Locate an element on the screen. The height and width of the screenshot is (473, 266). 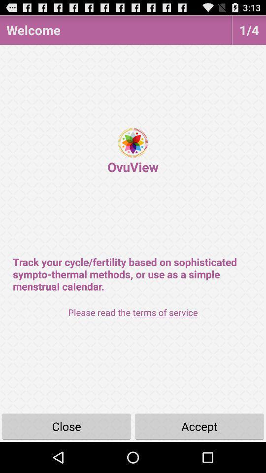
the app below the track your cycle is located at coordinates (133, 312).